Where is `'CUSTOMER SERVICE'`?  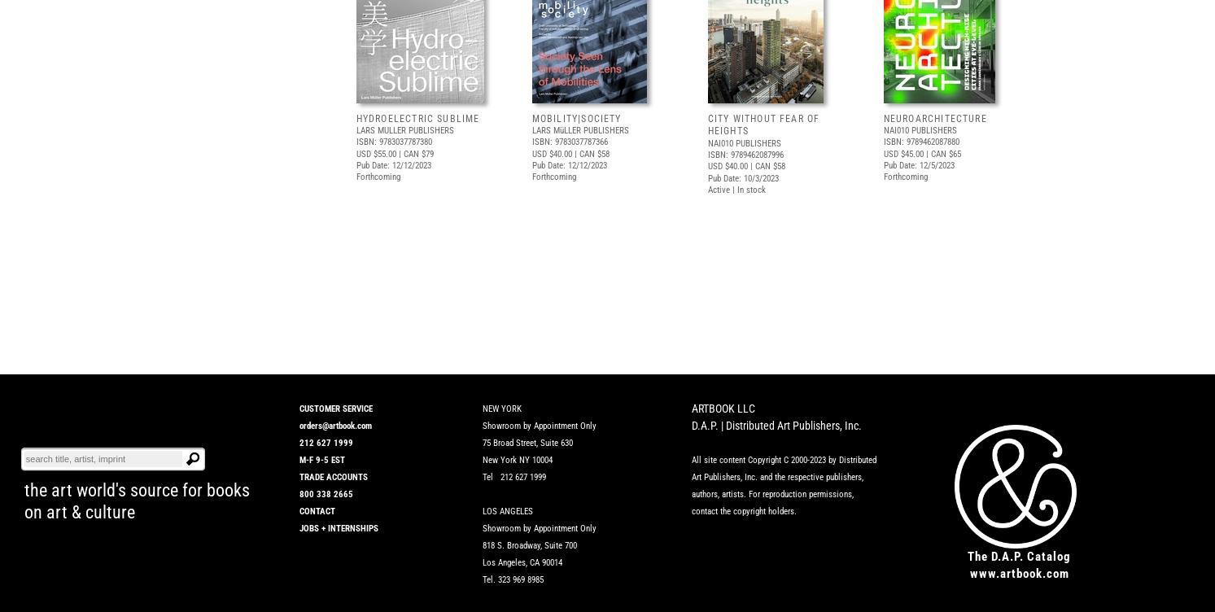
'CUSTOMER SERVICE' is located at coordinates (334, 408).